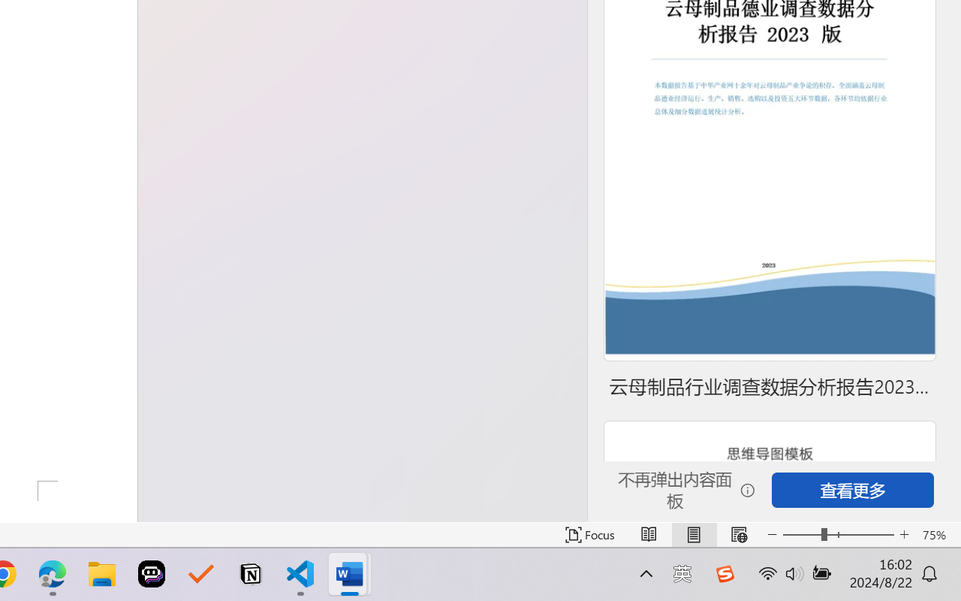 The width and height of the screenshot is (961, 601). What do you see at coordinates (837, 534) in the screenshot?
I see `'Zoom'` at bounding box center [837, 534].